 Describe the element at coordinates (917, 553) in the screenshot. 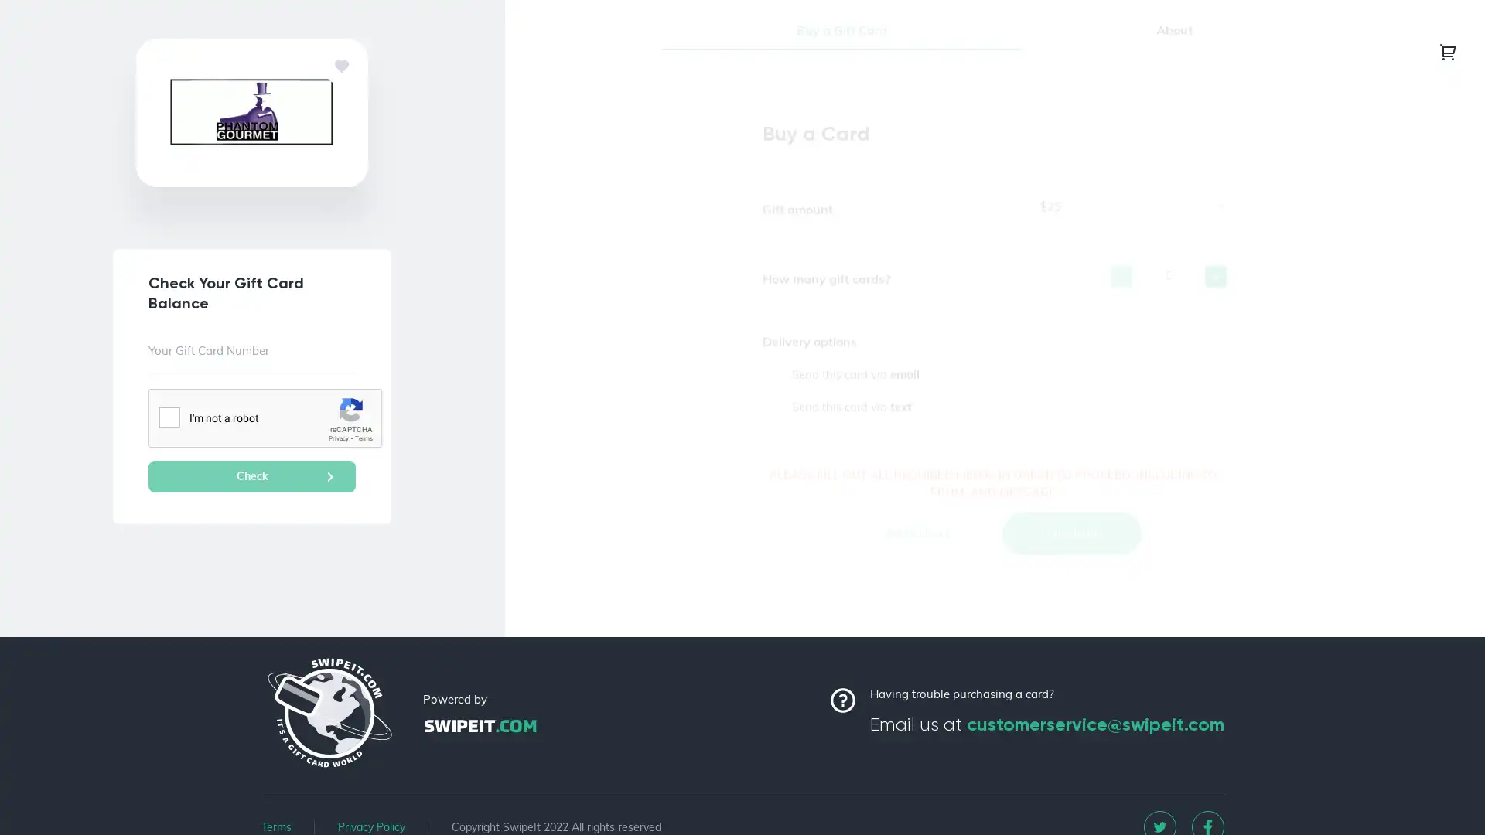

I see `Add to Cart` at that location.